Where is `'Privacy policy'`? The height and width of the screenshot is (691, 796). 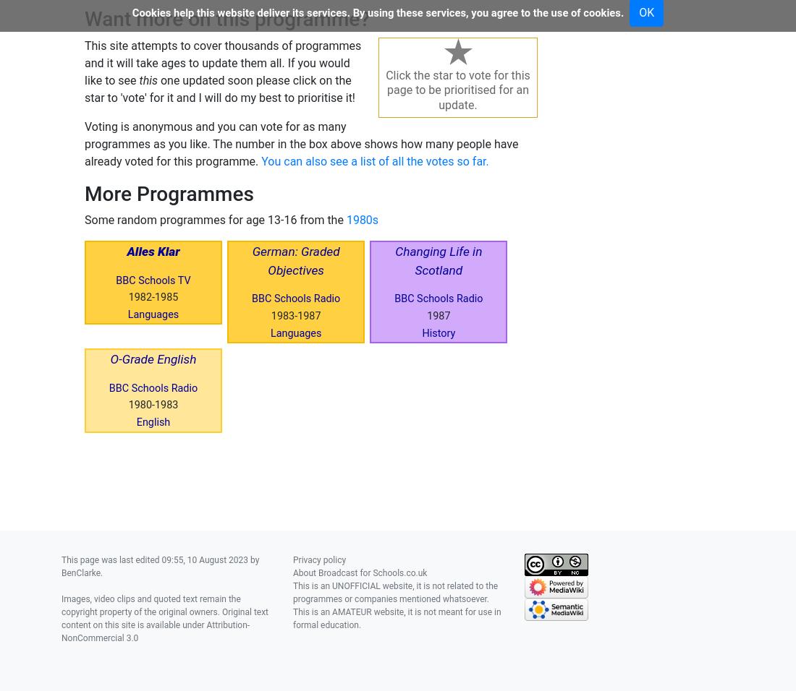
'Privacy policy' is located at coordinates (318, 558).